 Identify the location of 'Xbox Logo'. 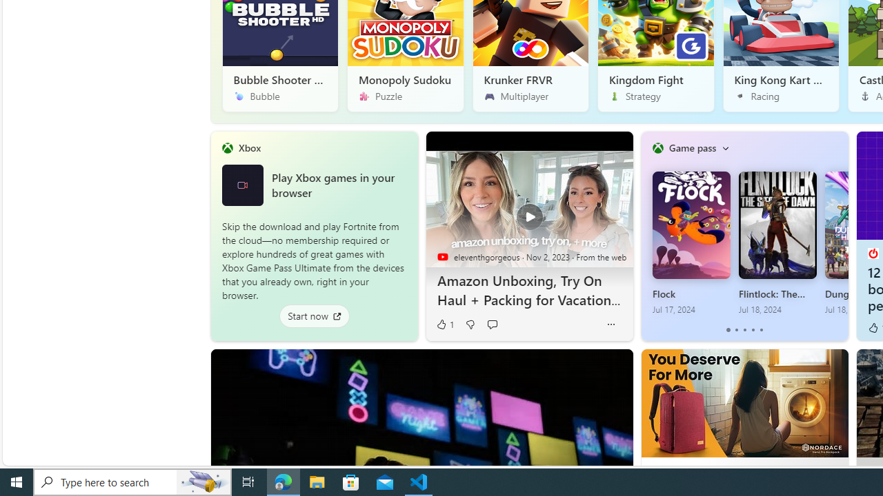
(242, 184).